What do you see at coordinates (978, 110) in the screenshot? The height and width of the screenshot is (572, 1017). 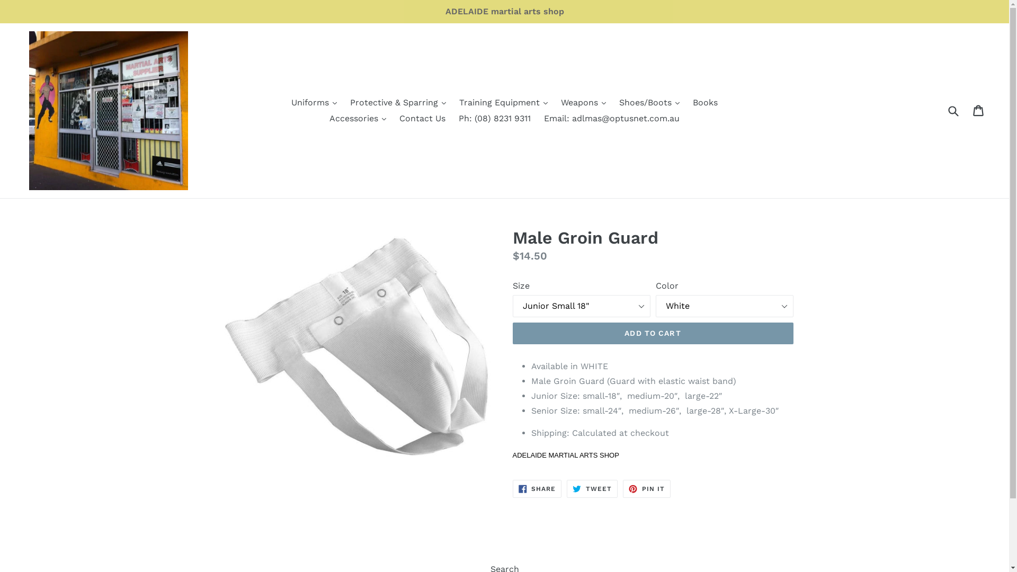 I see `'Cart` at bounding box center [978, 110].